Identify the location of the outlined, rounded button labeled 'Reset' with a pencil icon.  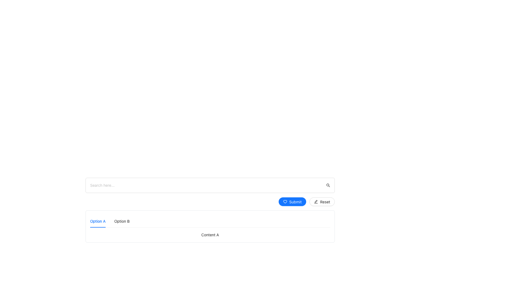
(322, 201).